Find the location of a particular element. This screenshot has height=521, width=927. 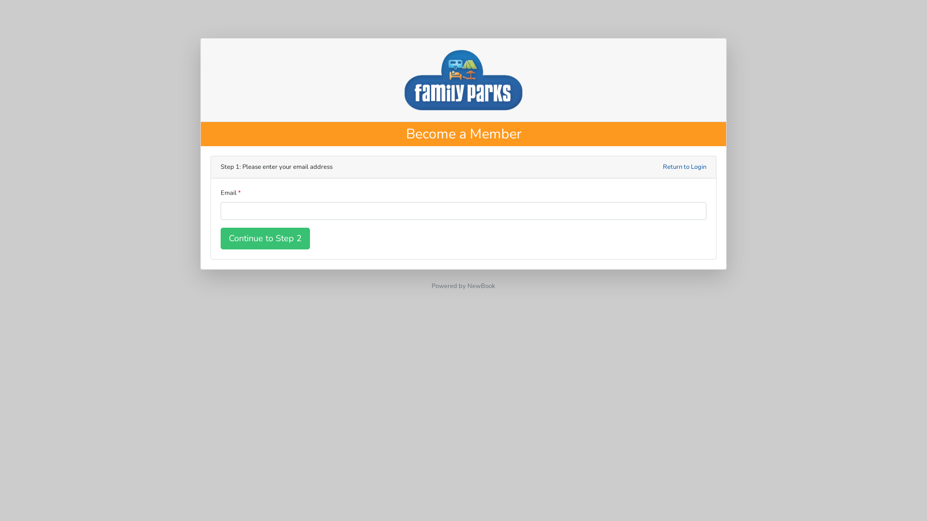

'Return to Login' is located at coordinates (684, 166).